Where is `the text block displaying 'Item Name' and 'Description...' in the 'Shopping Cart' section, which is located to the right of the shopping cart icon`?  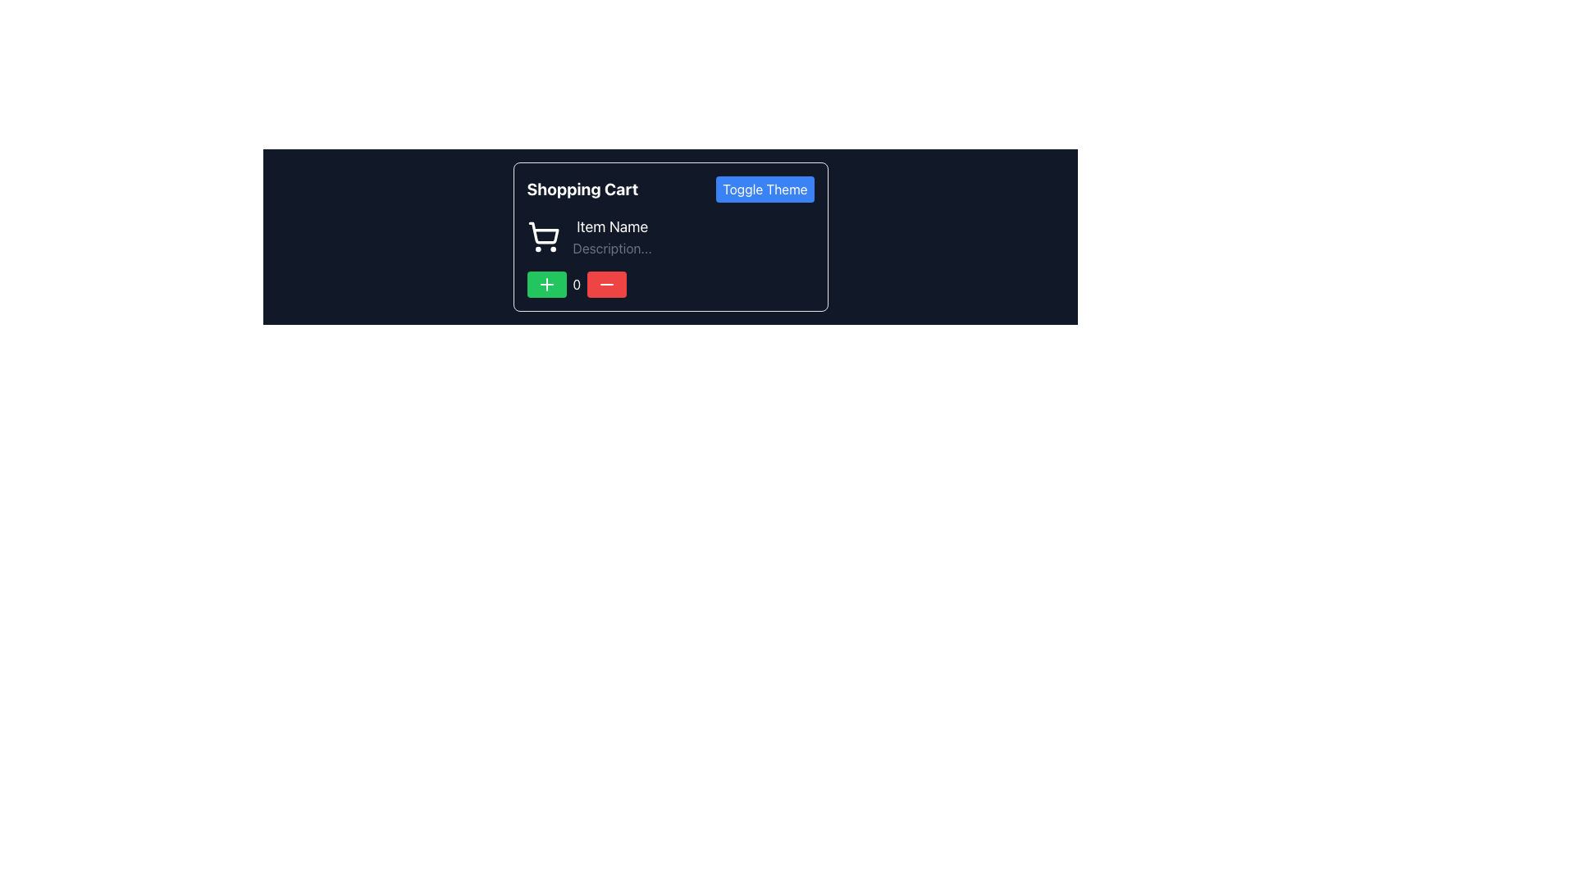
the text block displaying 'Item Name' and 'Description...' in the 'Shopping Cart' section, which is located to the right of the shopping cart icon is located at coordinates (611, 237).